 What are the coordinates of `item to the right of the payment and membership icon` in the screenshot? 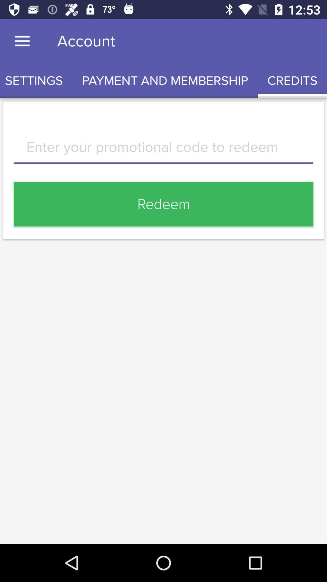 It's located at (292, 80).